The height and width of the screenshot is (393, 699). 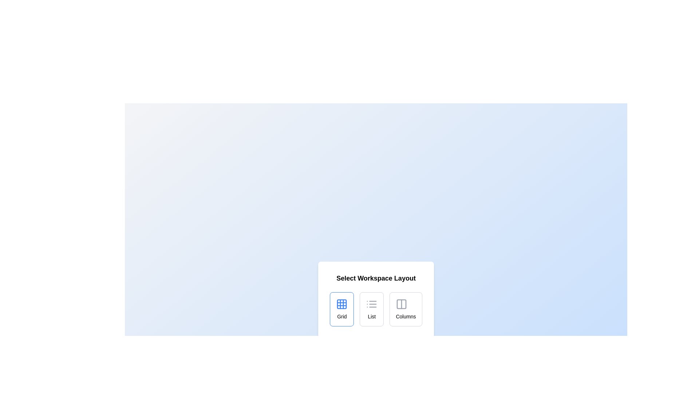 I want to click on the layout option Grid to observe visual feedback, so click(x=341, y=309).